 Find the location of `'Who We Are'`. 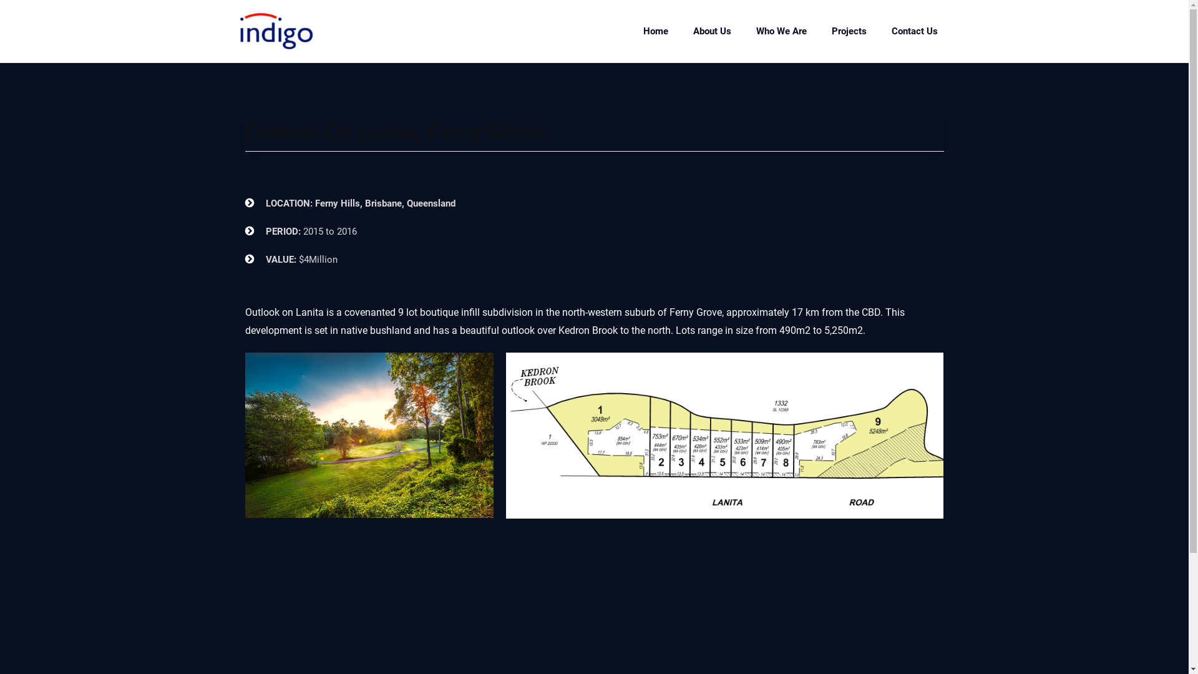

'Who We Are' is located at coordinates (781, 31).